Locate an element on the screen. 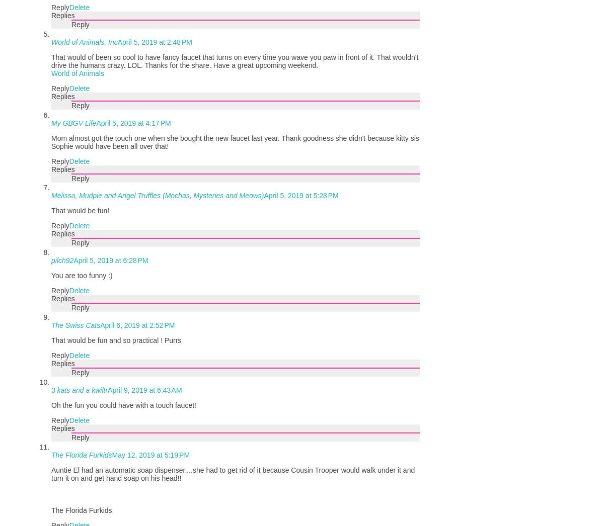  'That would of been so cool to have fancy faucet that turns on every time you wave you paw in front of it. That wouldn't drive the humans crazy. LOL. Thanks for the share. Have a great upcoming weekend.' is located at coordinates (235, 60).